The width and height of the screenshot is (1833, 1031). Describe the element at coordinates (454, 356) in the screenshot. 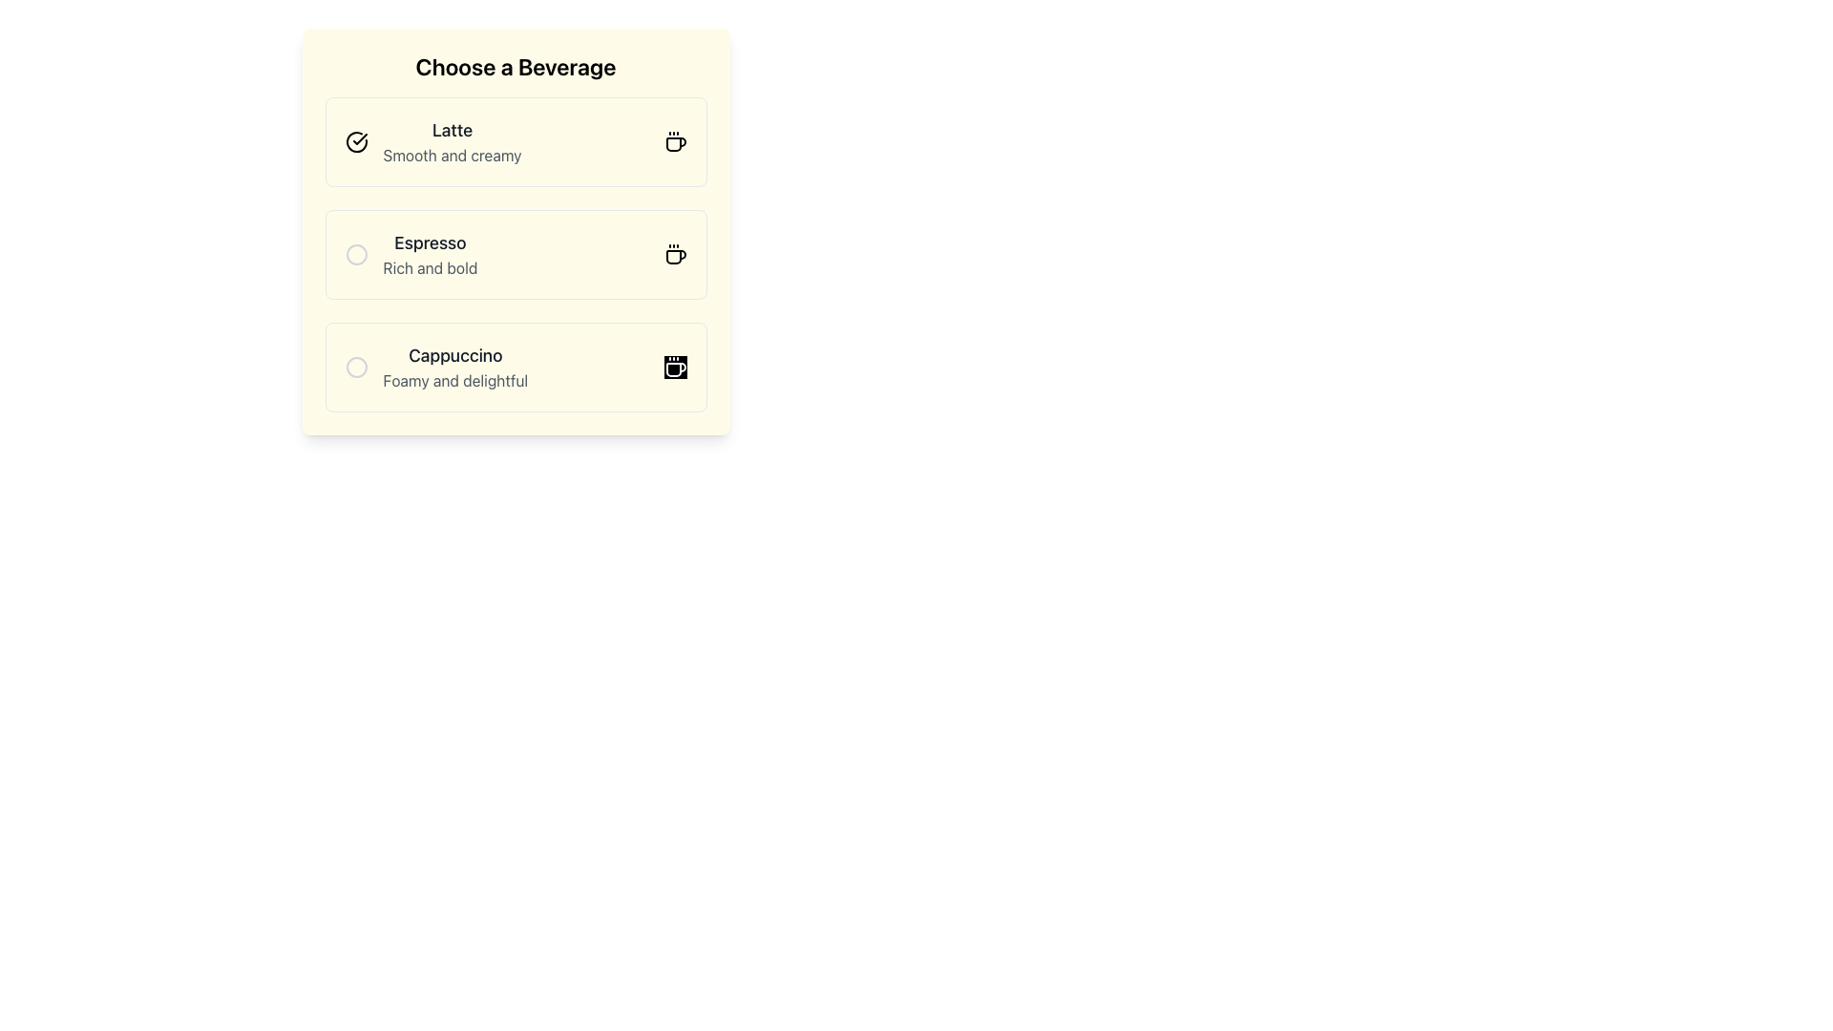

I see `text content of the 'Cappuccino' Text Label located on the third listing of the beverage selection interface, above the description 'Foamy and delightful' and to the left of the coffee cup icon` at that location.